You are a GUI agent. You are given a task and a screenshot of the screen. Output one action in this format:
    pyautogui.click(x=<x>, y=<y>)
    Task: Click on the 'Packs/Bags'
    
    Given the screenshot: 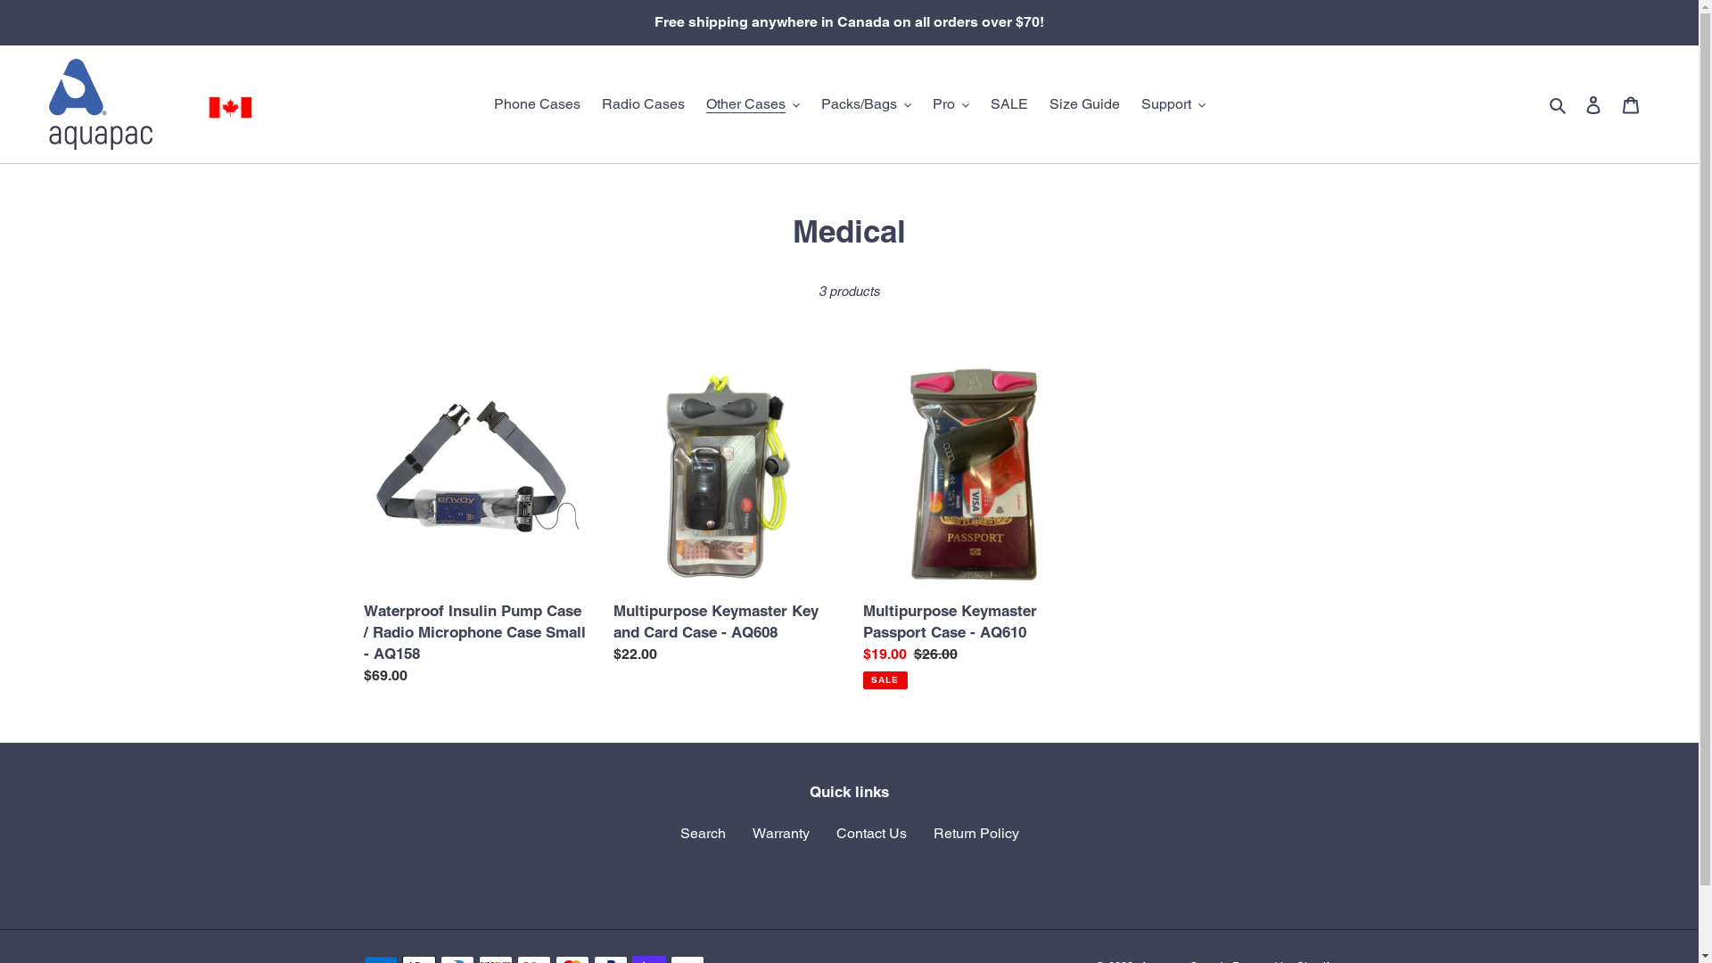 What is the action you would take?
    pyautogui.click(x=811, y=103)
    